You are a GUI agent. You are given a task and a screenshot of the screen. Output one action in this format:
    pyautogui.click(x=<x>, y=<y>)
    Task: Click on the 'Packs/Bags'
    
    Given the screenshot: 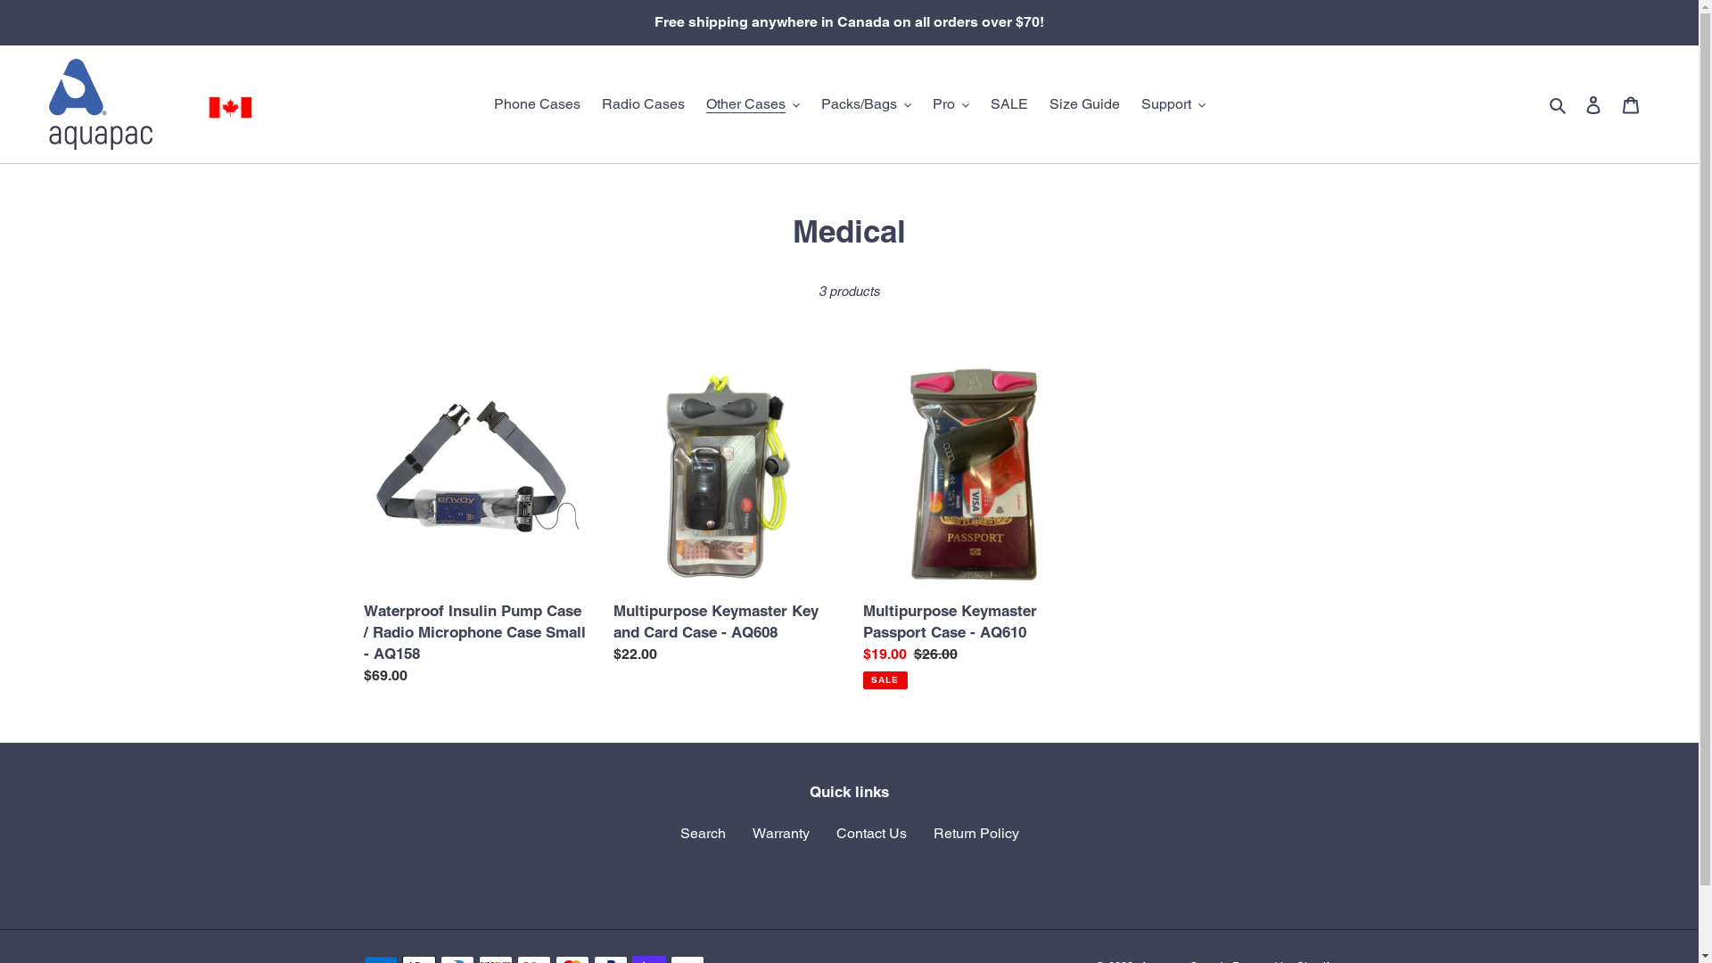 What is the action you would take?
    pyautogui.click(x=811, y=103)
    